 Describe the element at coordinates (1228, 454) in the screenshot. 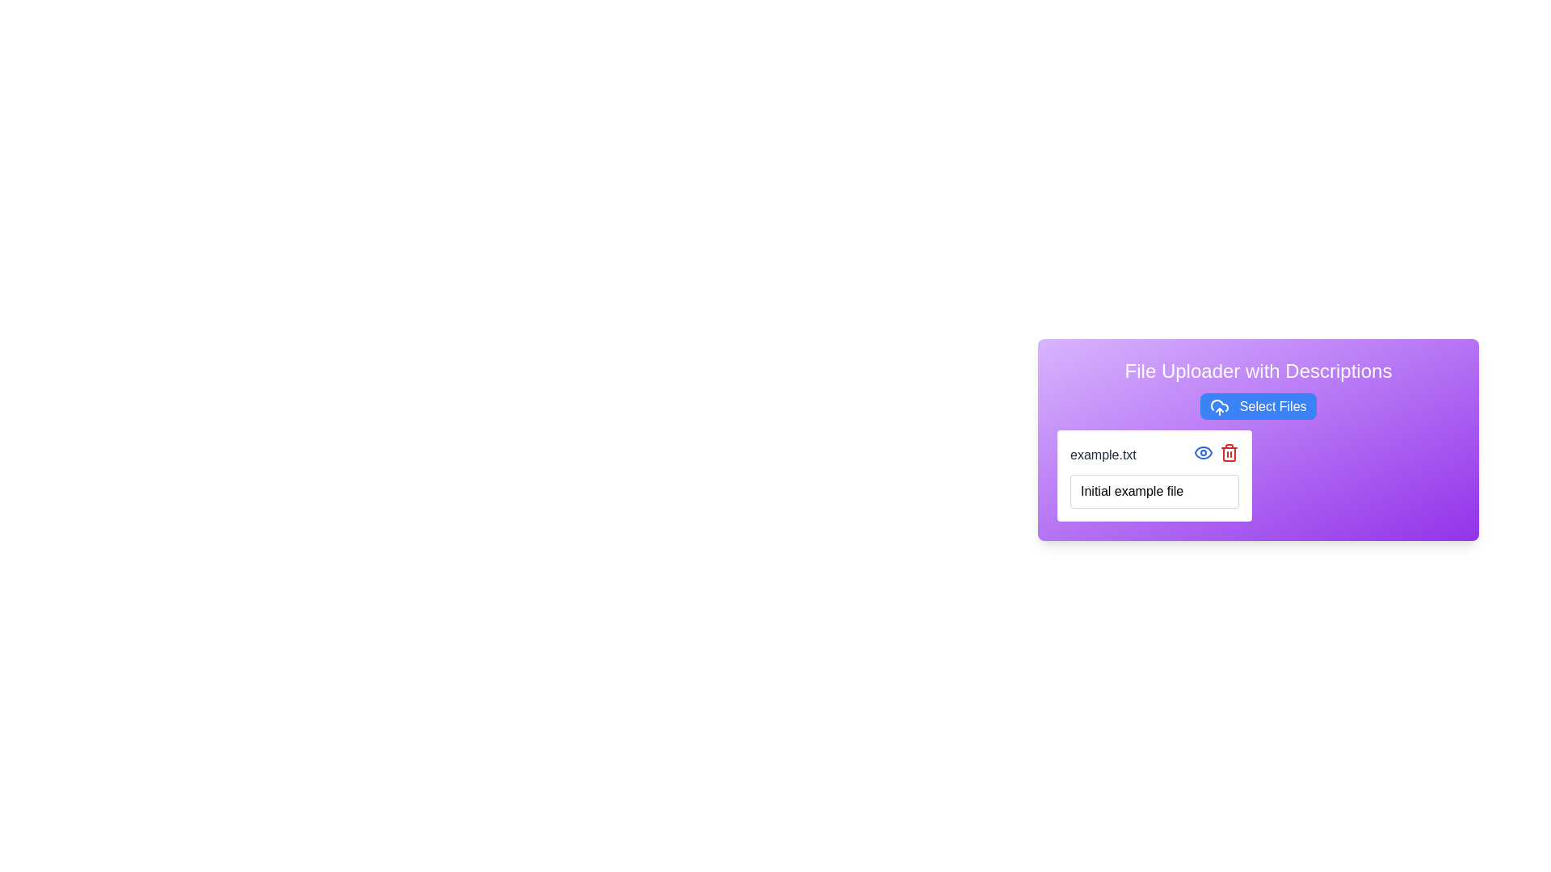

I see `the body of the trash bin icon, which is outlined and styled with thin lines, located next to the 'example.txt' file name, to initiate the delete action` at that location.